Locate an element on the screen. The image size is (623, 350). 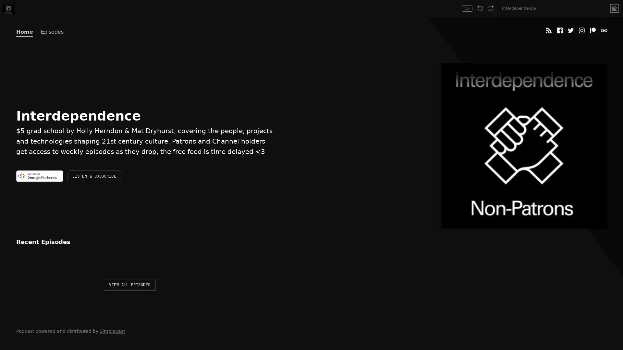
Play is located at coordinates (25, 8).